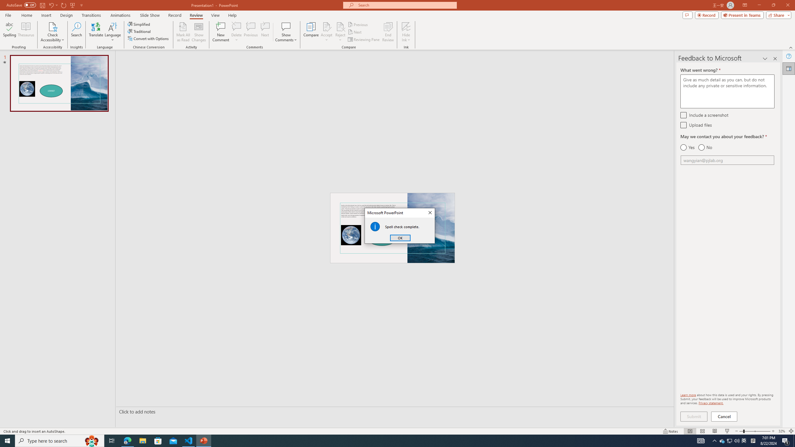  Describe the element at coordinates (9, 32) in the screenshot. I see `'Spelling...'` at that location.